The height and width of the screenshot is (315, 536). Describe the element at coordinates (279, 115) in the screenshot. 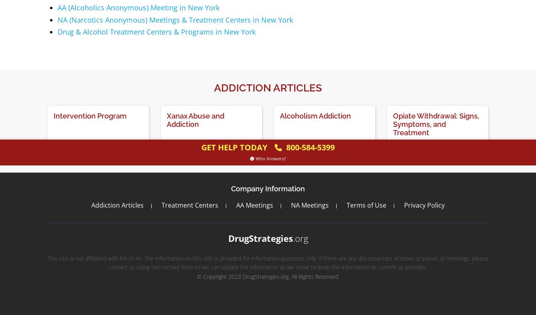

I see `'Alcoholism Addiction'` at that location.